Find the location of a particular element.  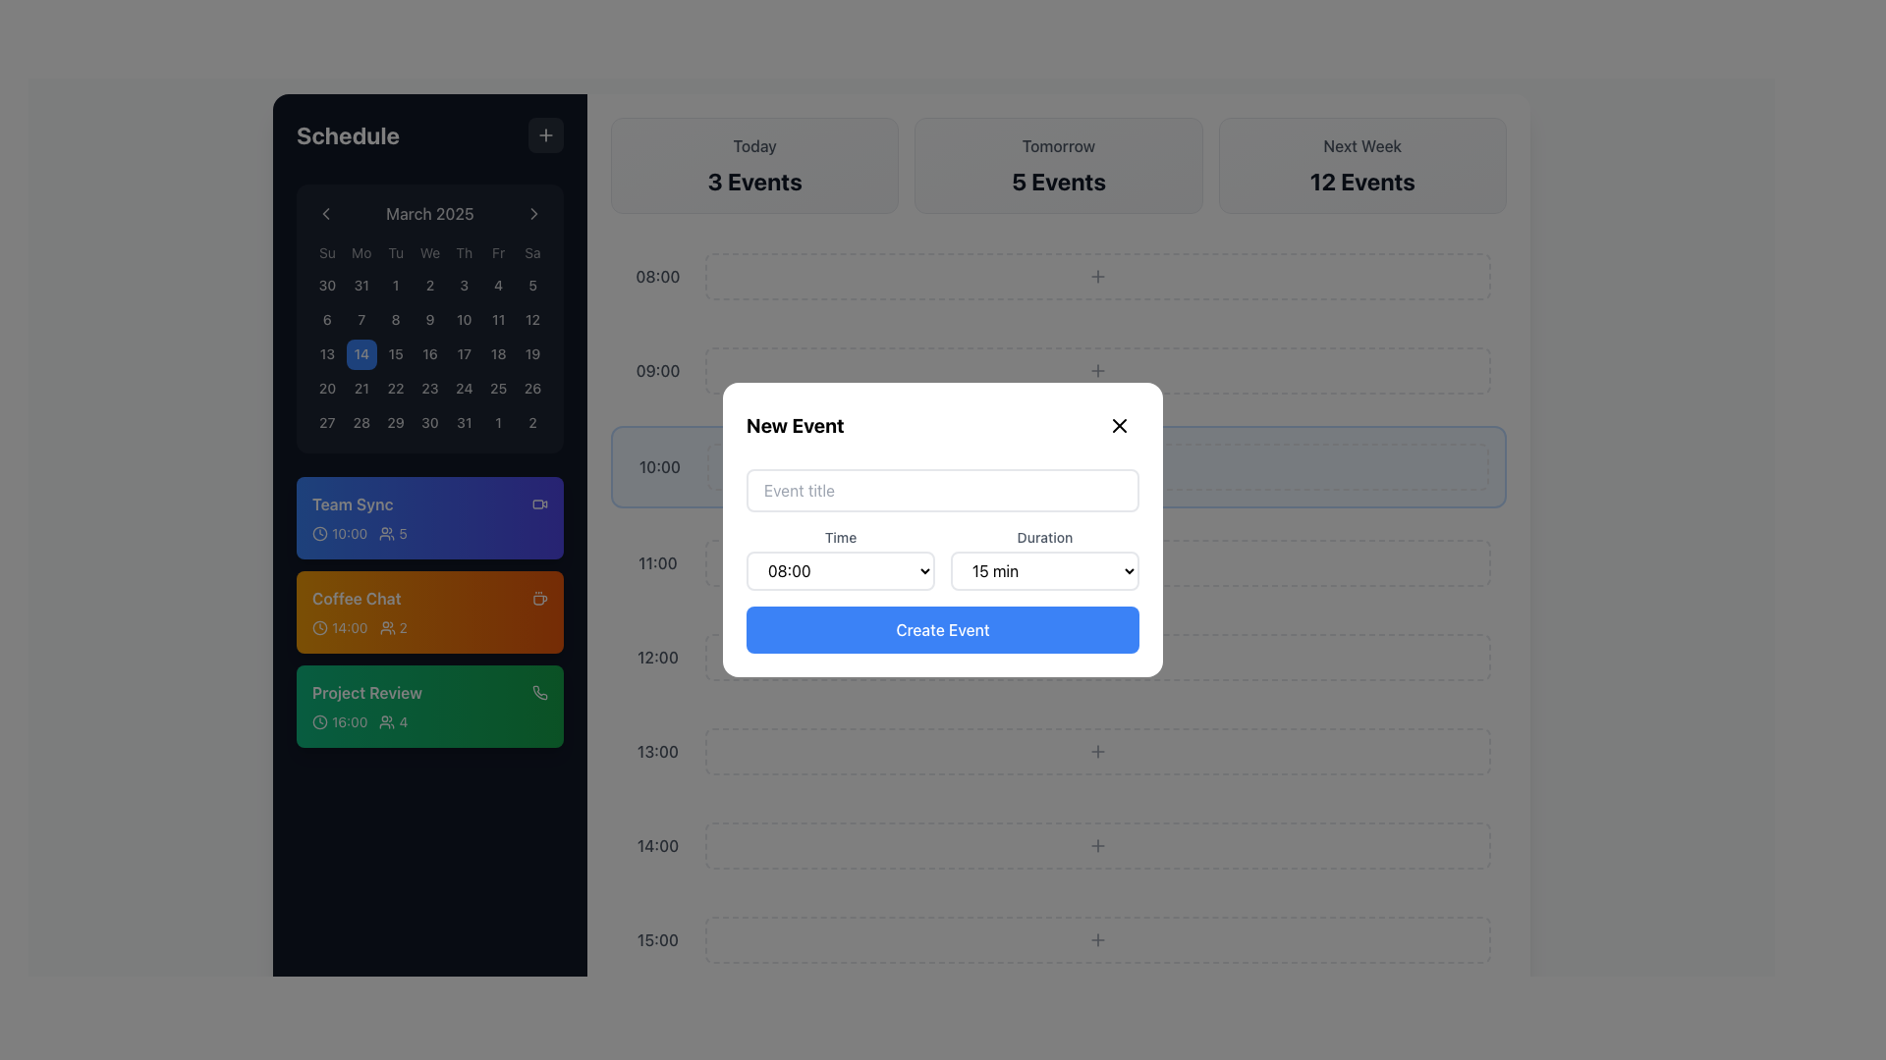

the Text label that displays the number of scheduled events for the current day, located below the 'Today' label in the right half of the interface is located at coordinates (753, 182).